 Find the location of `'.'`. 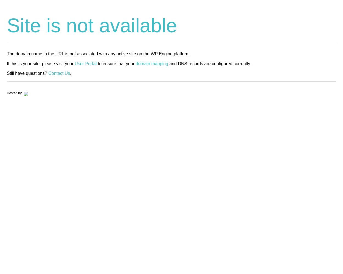

'.' is located at coordinates (71, 73).